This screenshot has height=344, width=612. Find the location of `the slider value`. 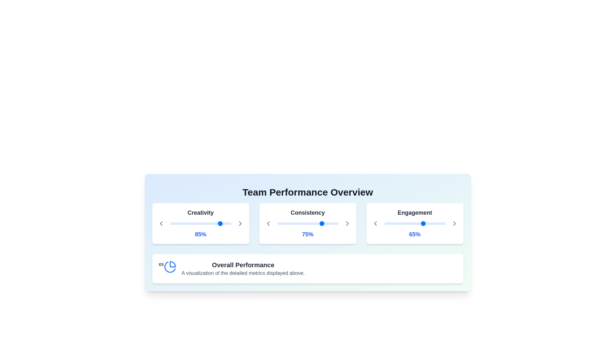

the slider value is located at coordinates (184, 223).